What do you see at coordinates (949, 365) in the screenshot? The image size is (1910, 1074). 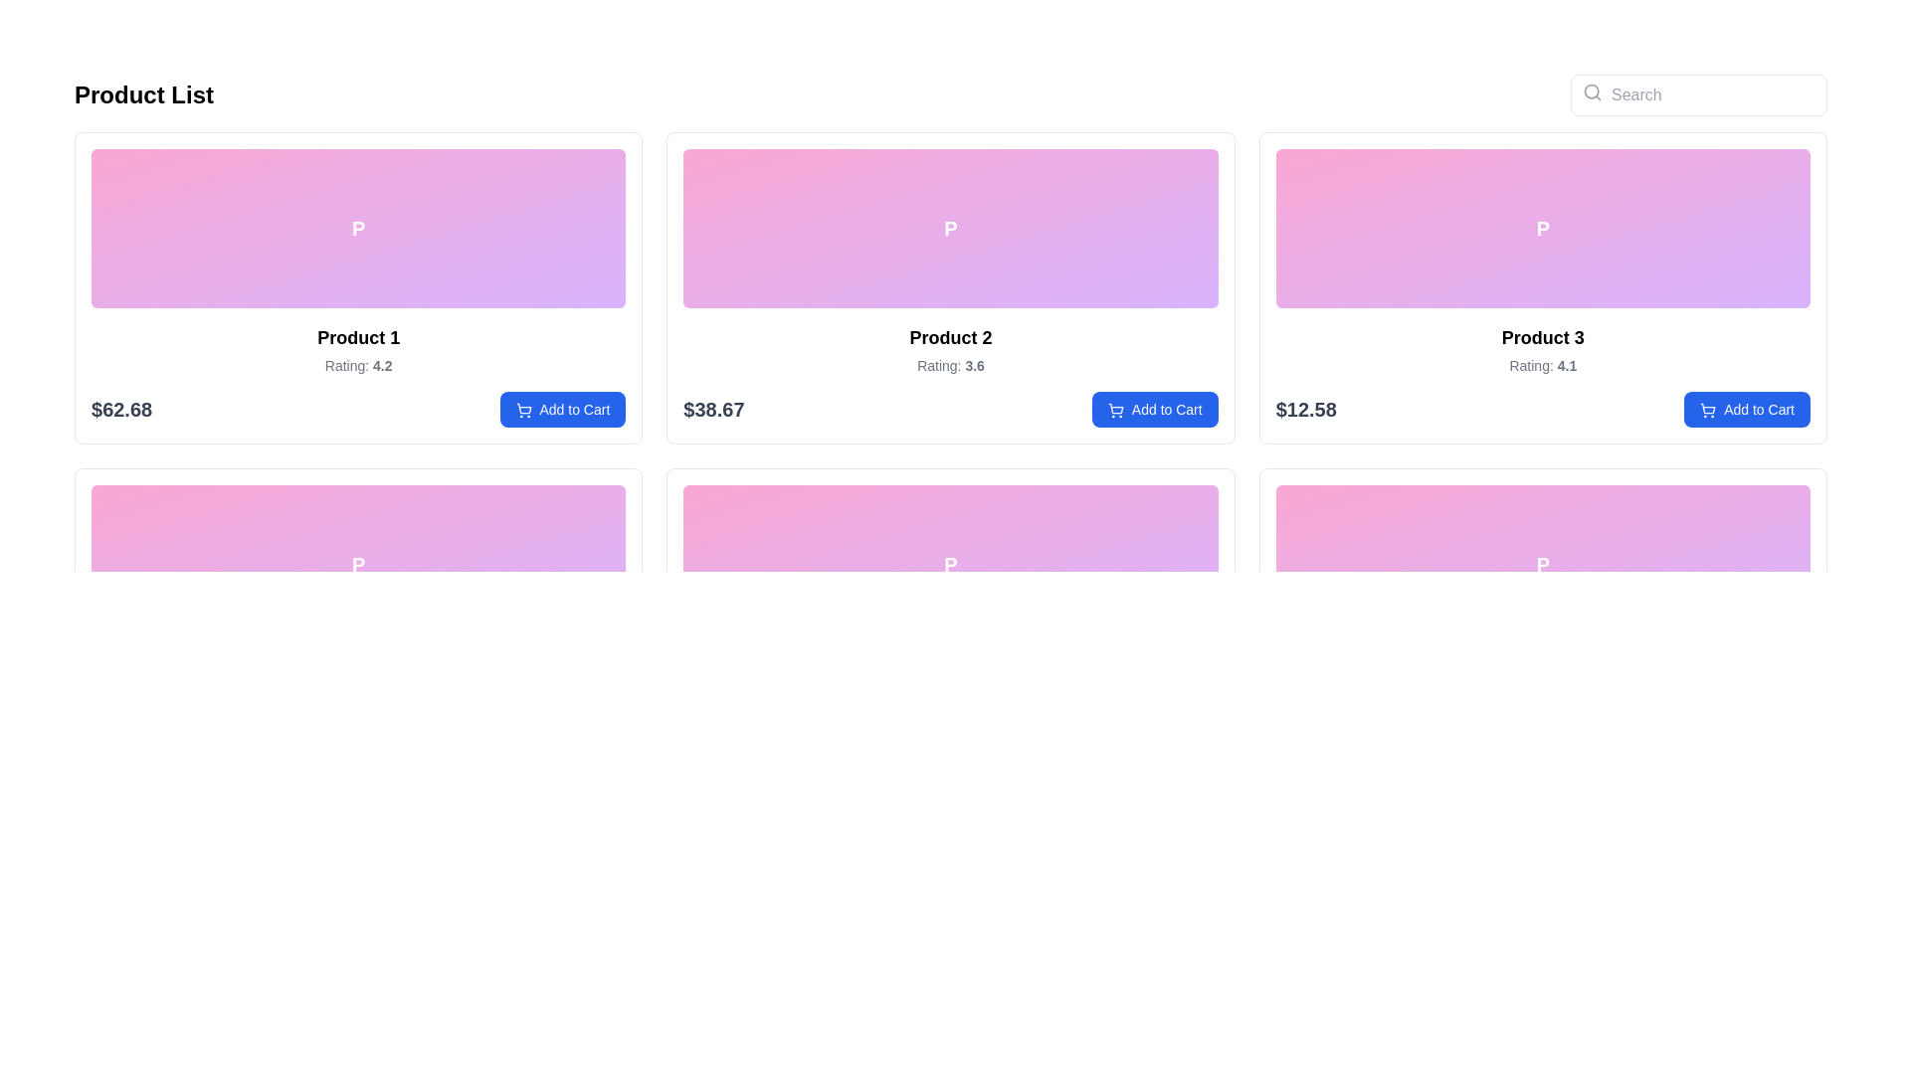 I see `the product rating text label situated below 'Product 2' and above the price '$38.67', which is centrally aligned within the product card` at bounding box center [949, 365].